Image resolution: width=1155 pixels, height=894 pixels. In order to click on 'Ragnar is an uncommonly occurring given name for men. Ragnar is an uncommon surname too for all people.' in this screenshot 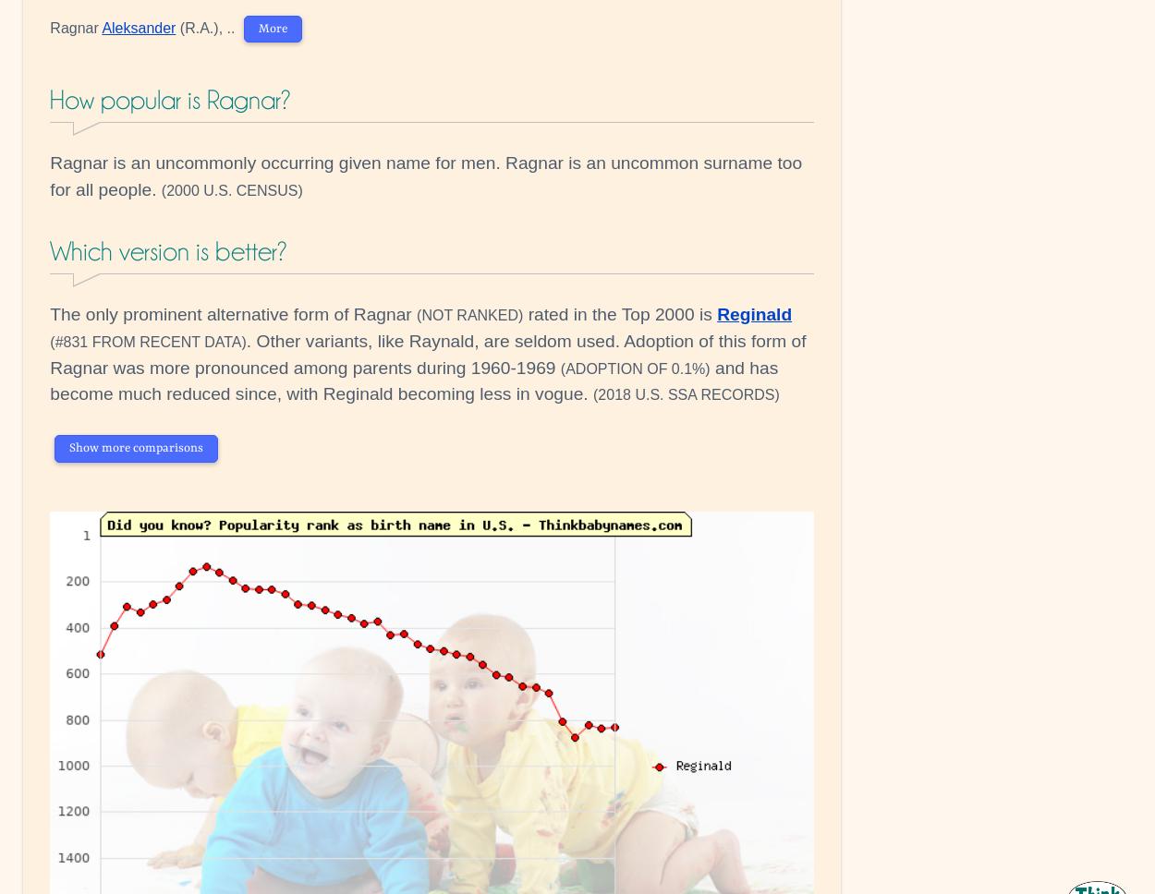, I will do `click(425, 175)`.